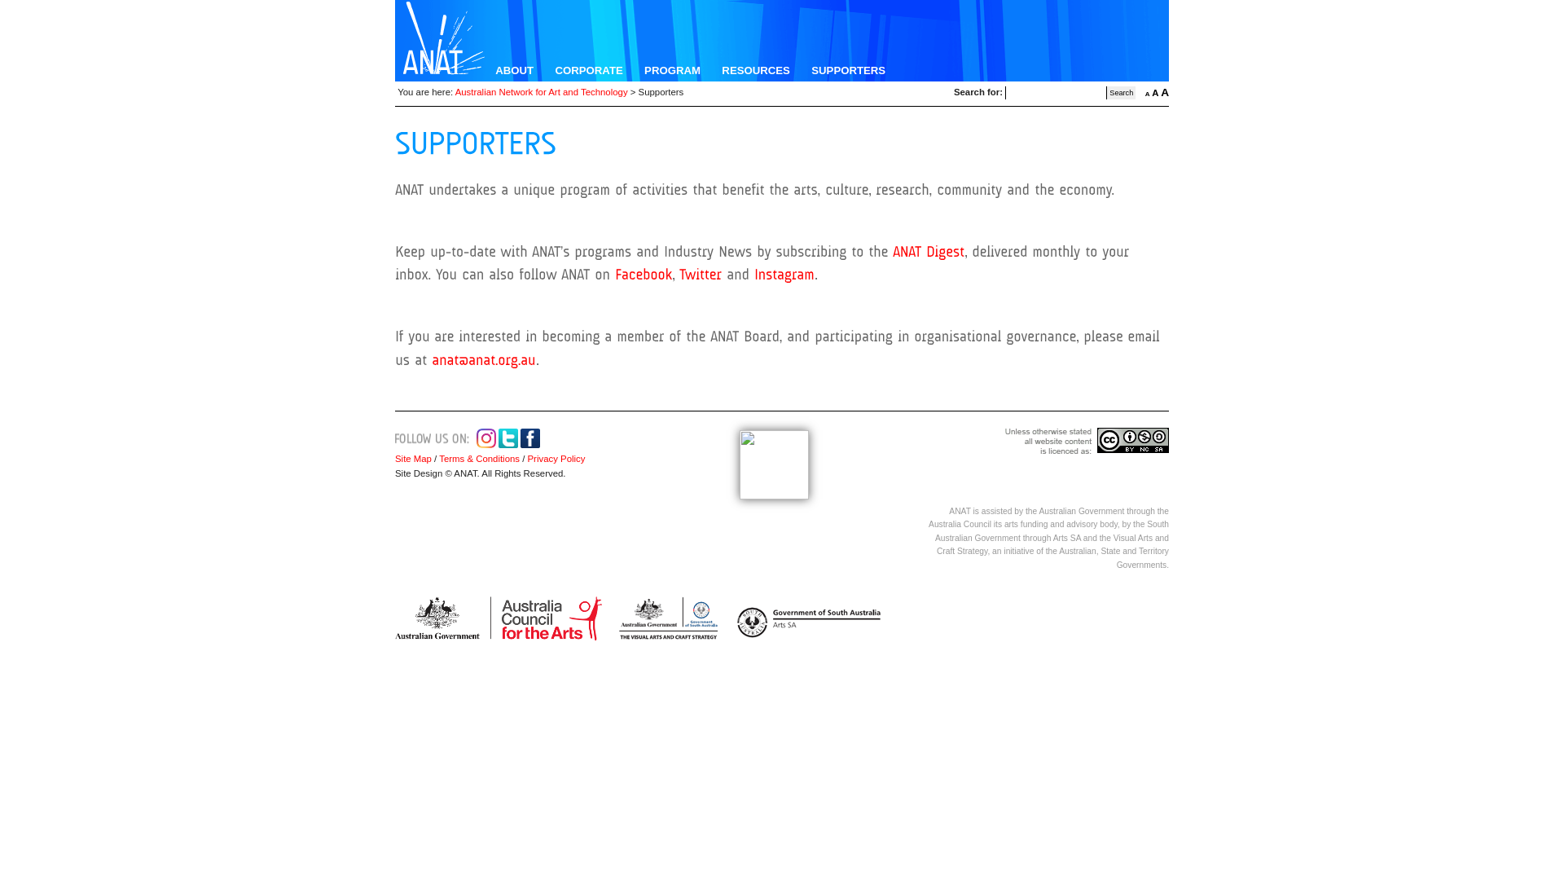 The width and height of the screenshot is (1564, 880). What do you see at coordinates (672, 69) in the screenshot?
I see `'PROGRAM'` at bounding box center [672, 69].